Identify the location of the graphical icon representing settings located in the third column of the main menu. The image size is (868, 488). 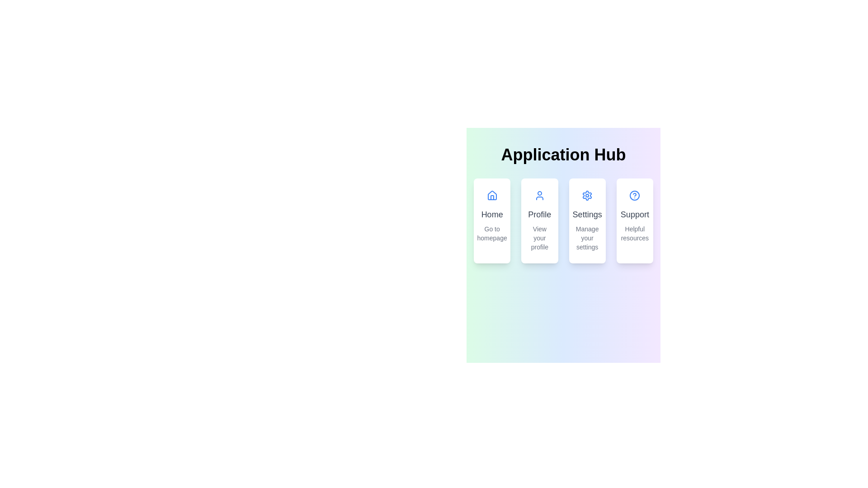
(587, 195).